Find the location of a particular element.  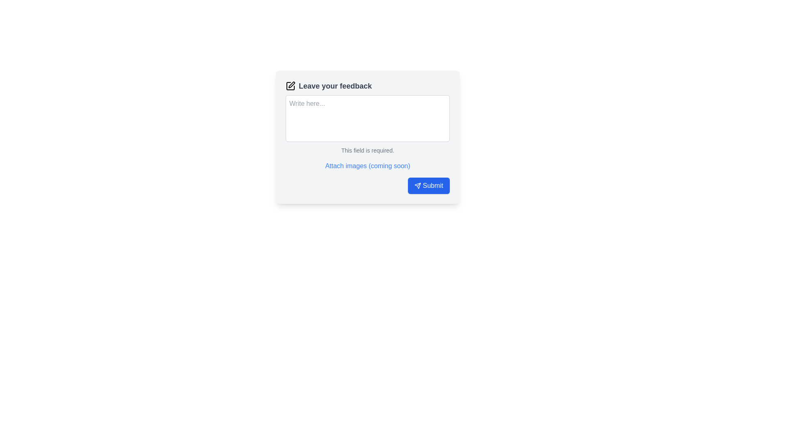

the tooltip or description of the editing icon located in the upper-left corner of the white feedback dialogue box adjacent to the 'Leave your feedback' heading is located at coordinates (291, 85).